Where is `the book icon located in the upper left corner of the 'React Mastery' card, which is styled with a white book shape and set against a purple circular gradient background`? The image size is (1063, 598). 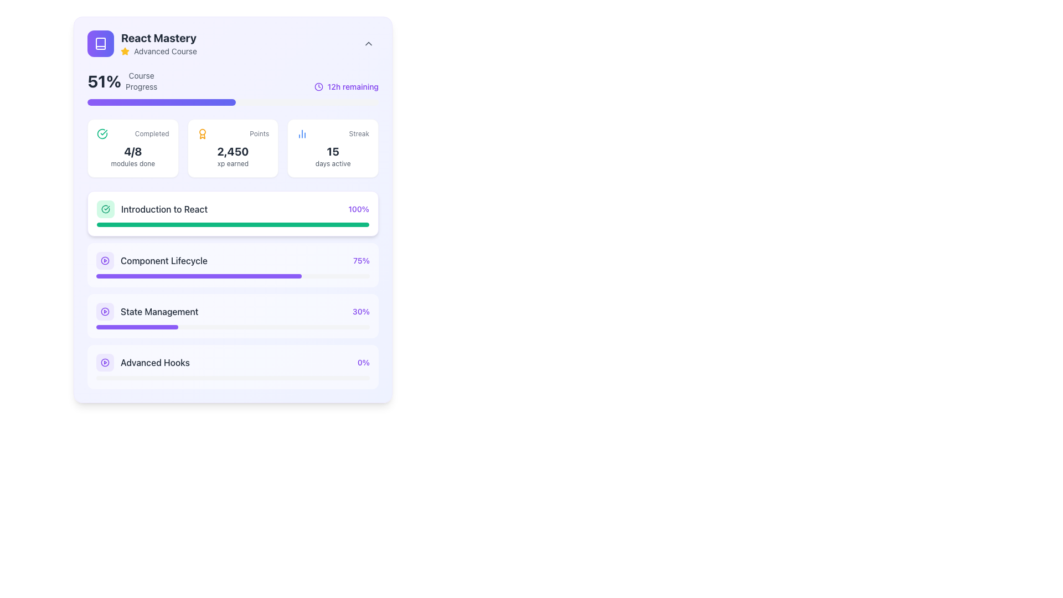
the book icon located in the upper left corner of the 'React Mastery' card, which is styled with a white book shape and set against a purple circular gradient background is located at coordinates (101, 43).